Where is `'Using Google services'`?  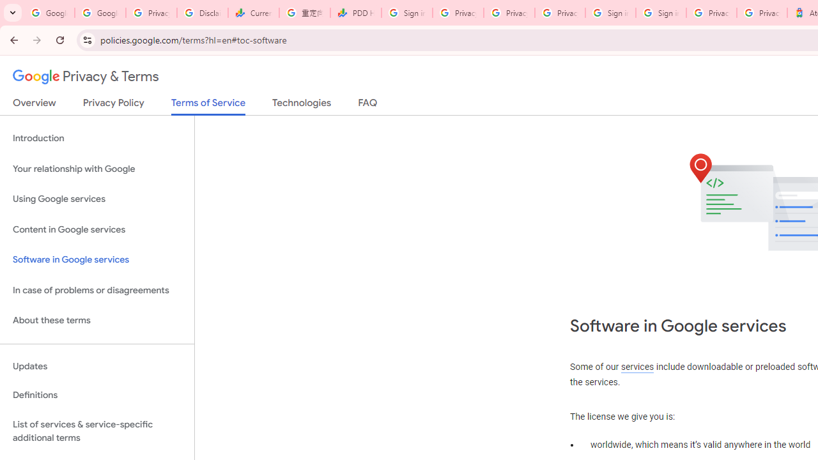
'Using Google services' is located at coordinates (96, 199).